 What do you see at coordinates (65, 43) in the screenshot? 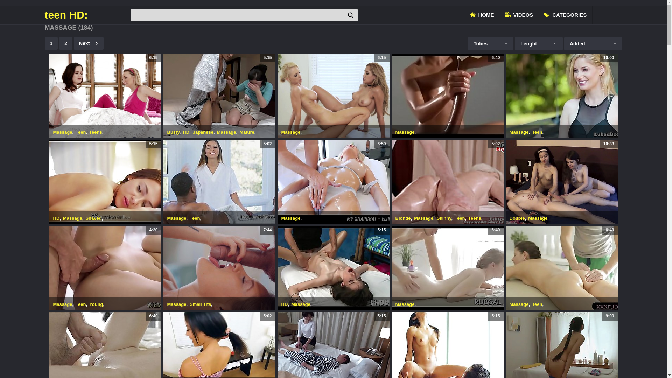
I see `'2'` at bounding box center [65, 43].